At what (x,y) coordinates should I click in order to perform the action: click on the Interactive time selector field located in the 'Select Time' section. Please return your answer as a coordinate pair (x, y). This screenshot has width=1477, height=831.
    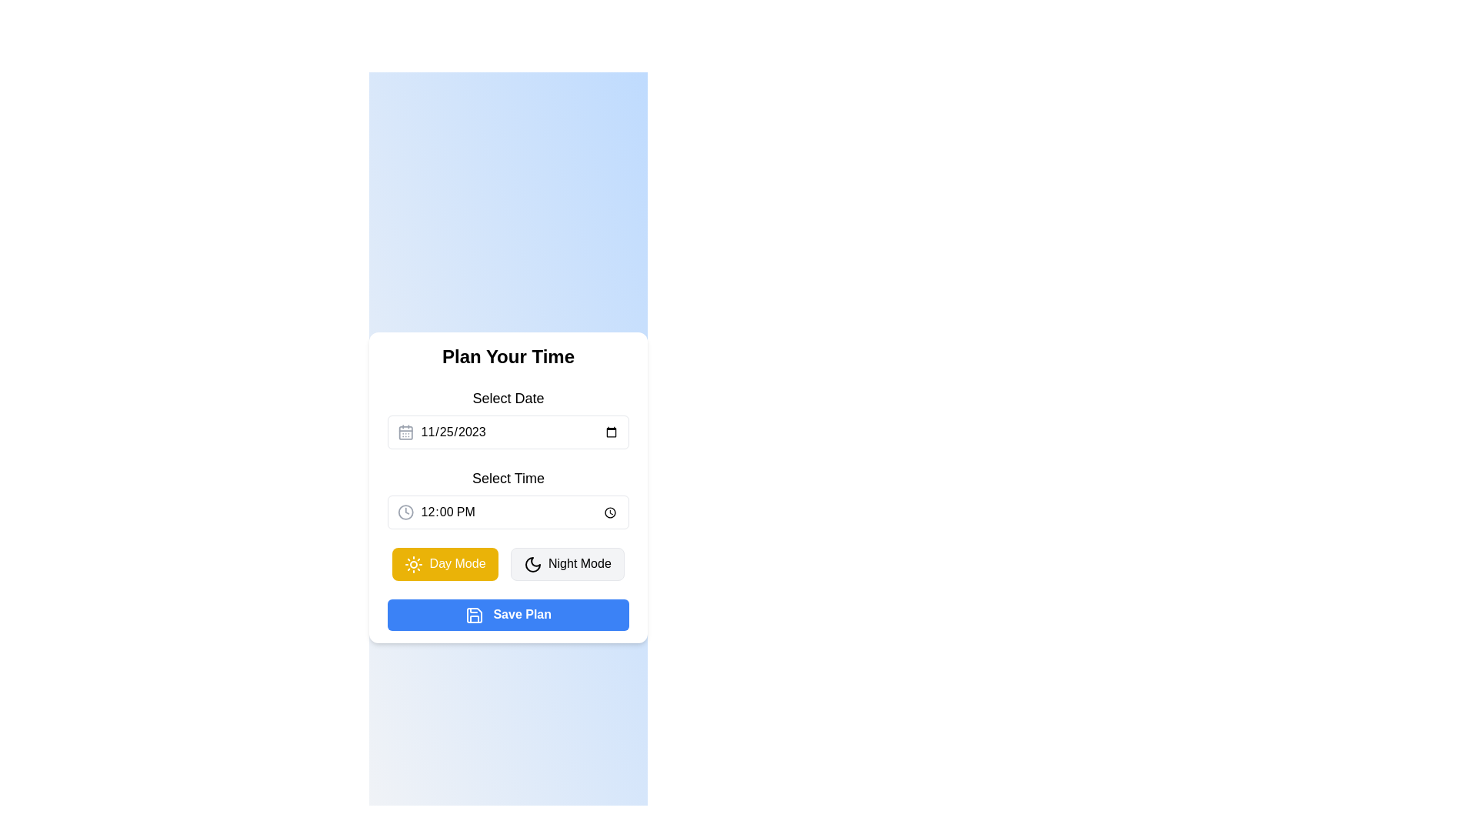
    Looking at the image, I should click on (508, 512).